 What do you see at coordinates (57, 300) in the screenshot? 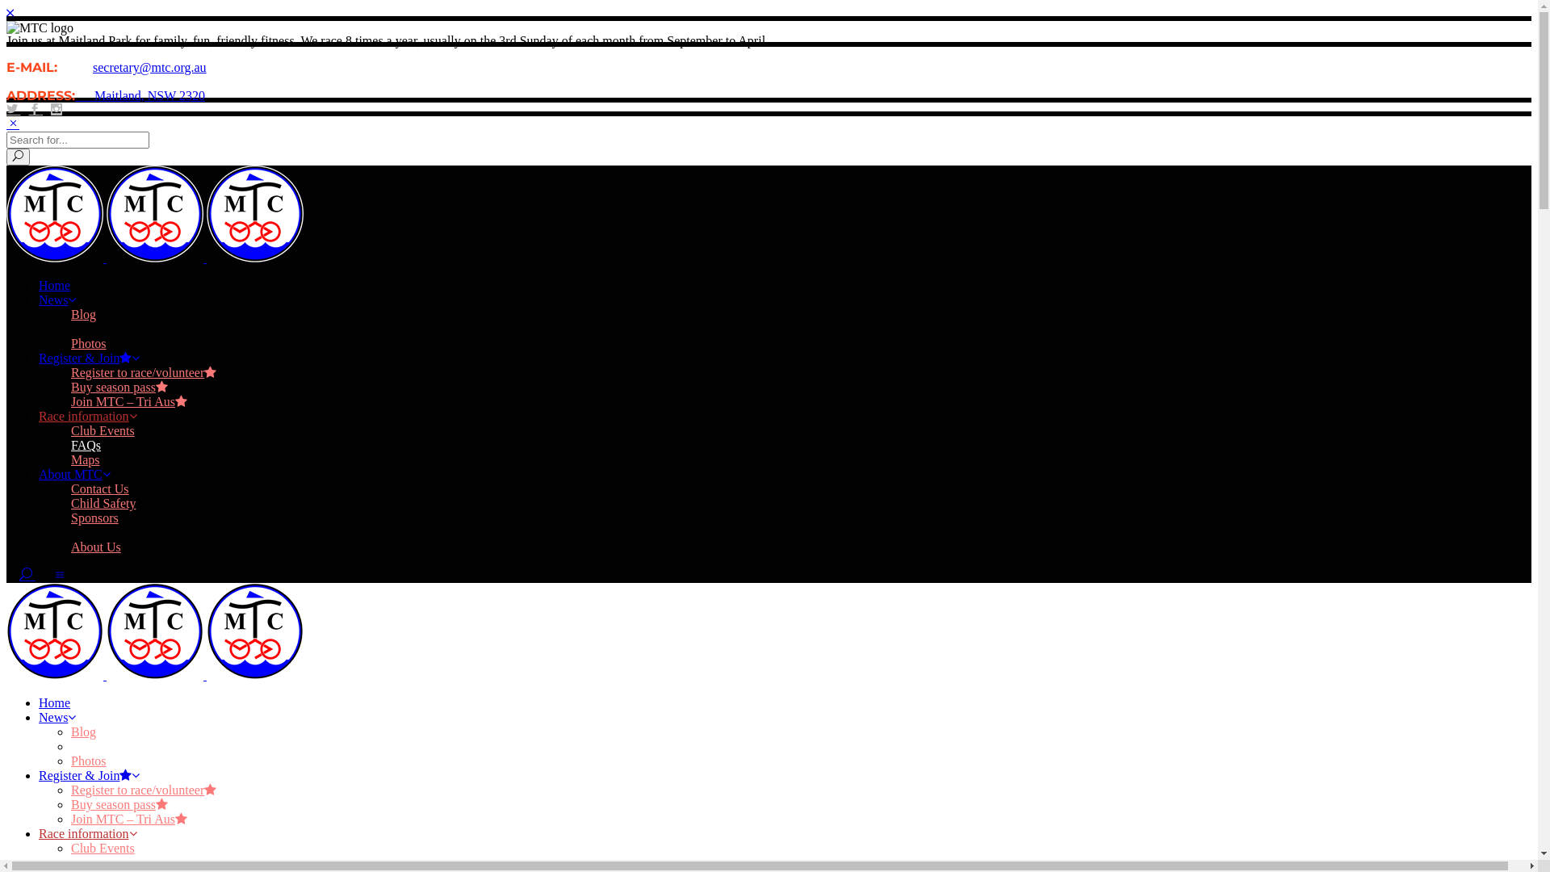
I see `'News'` at bounding box center [57, 300].